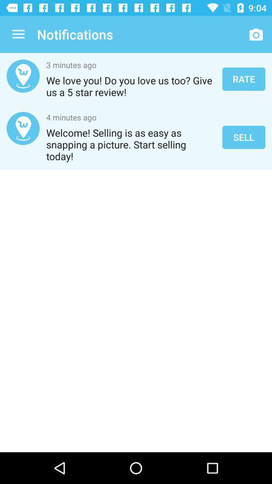 This screenshot has height=484, width=272. Describe the element at coordinates (243, 78) in the screenshot. I see `item above sell` at that location.